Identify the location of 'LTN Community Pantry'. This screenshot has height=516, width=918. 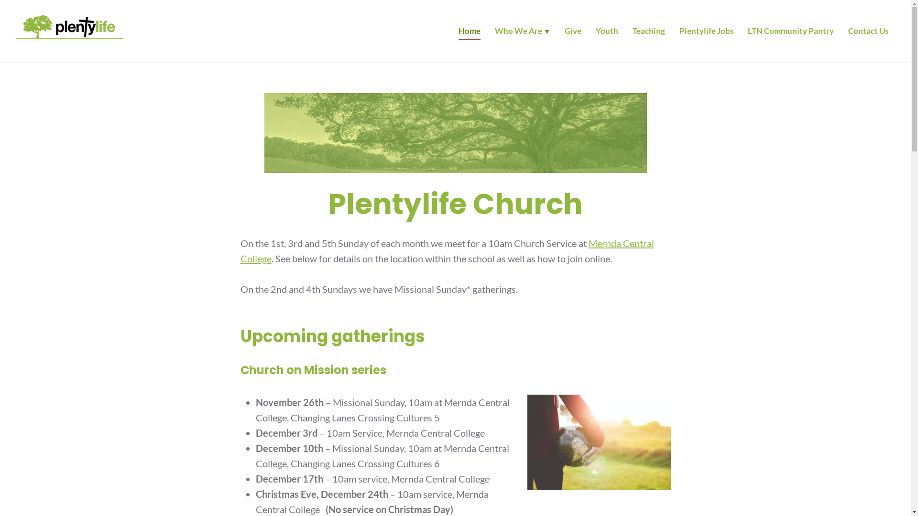
(791, 32).